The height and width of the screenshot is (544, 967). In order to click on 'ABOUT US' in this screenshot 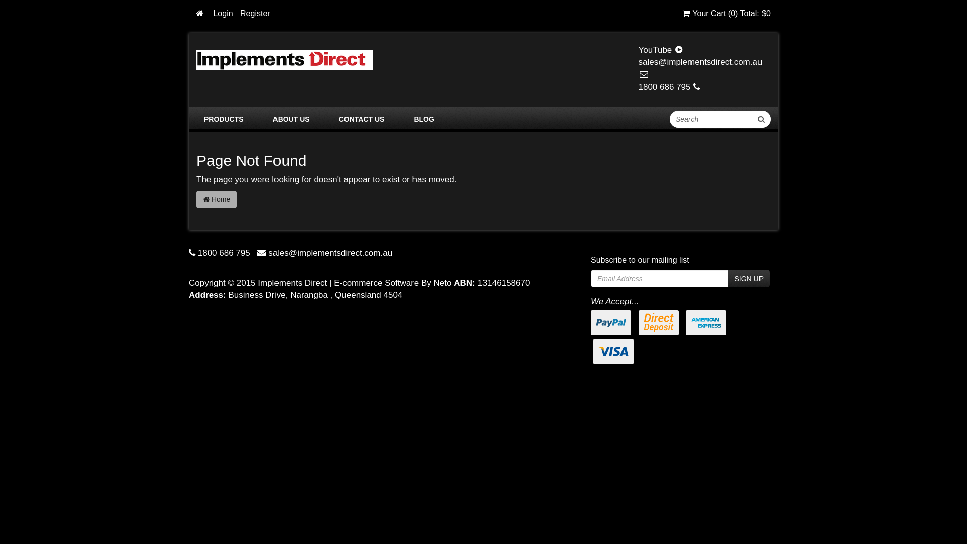, I will do `click(265, 118)`.